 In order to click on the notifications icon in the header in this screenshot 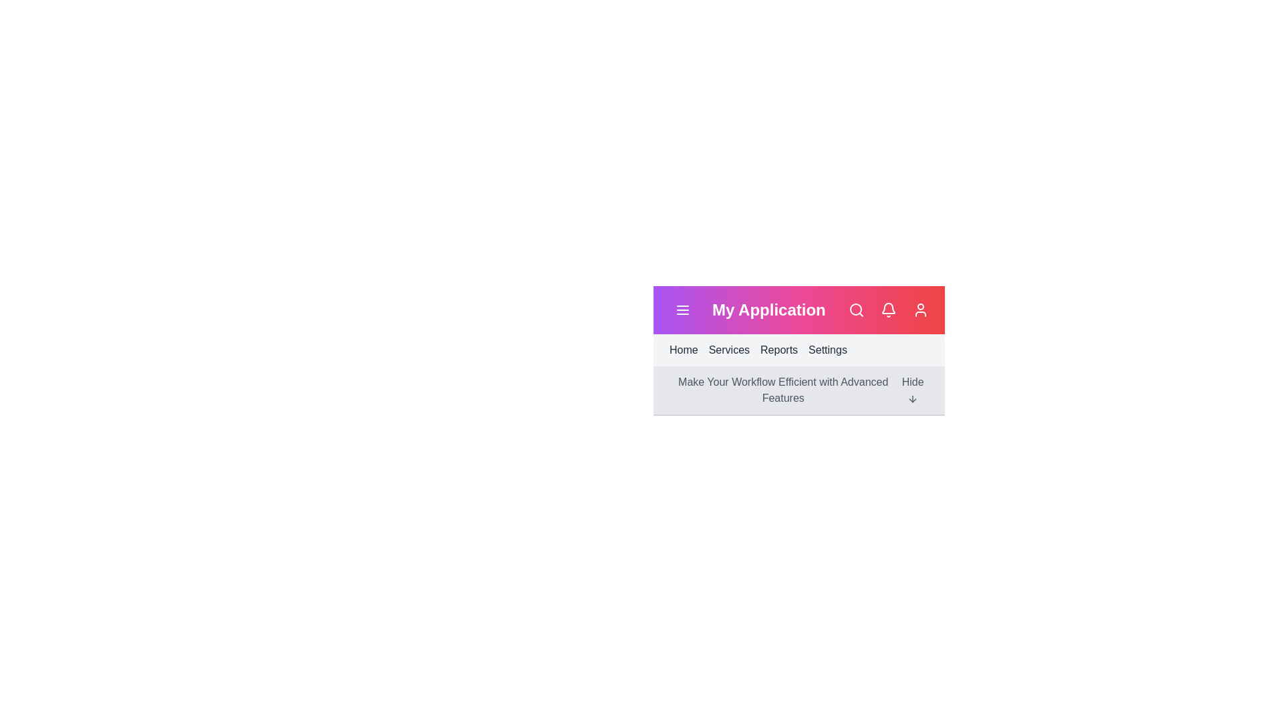, I will do `click(888, 310)`.